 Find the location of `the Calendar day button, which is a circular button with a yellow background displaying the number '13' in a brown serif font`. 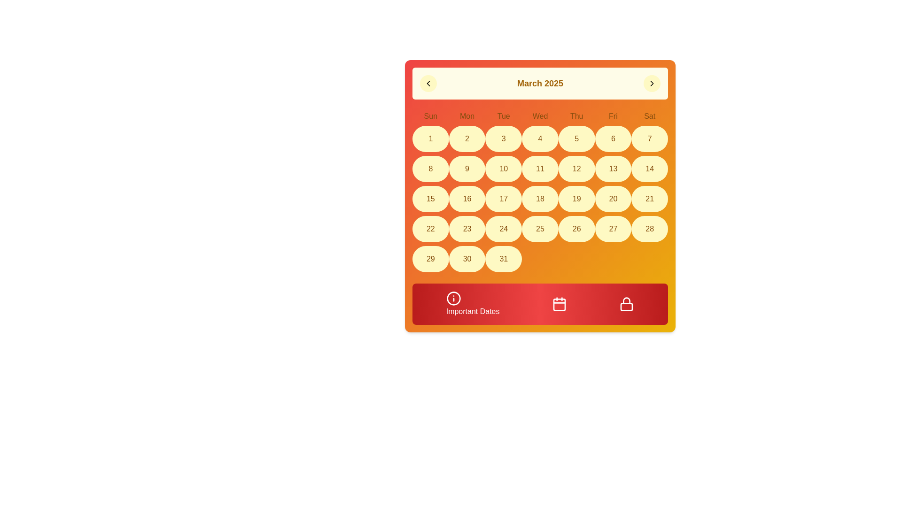

the Calendar day button, which is a circular button with a yellow background displaying the number '13' in a brown serif font is located at coordinates (613, 168).